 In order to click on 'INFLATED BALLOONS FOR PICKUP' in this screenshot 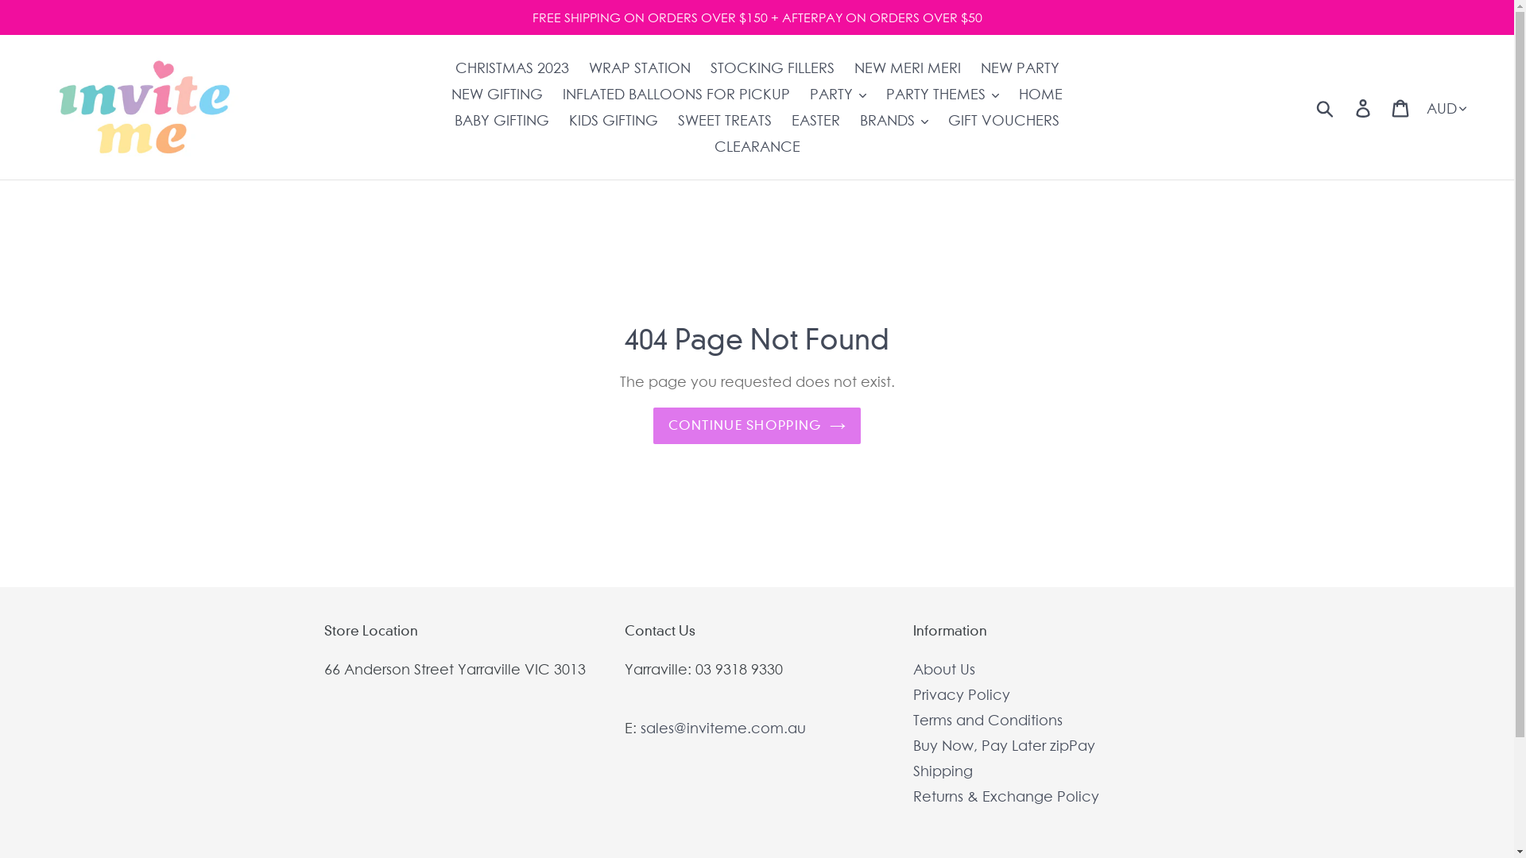, I will do `click(676, 94)`.